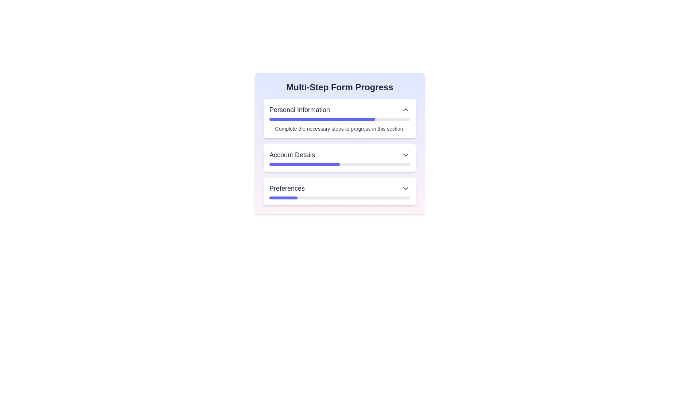  I want to click on the horizontal progress bar with rounded edges and an indigo color, which represents the progress for the 'Account Details' section in a multi-step form, so click(304, 164).